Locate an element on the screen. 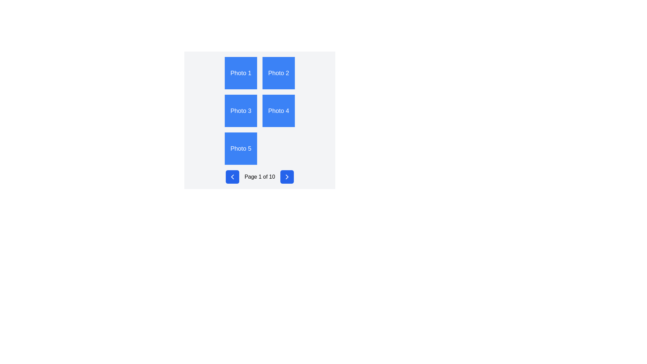 Image resolution: width=647 pixels, height=364 pixels. the text display that indicates the current page number and total number of pages, located at the lower portion of the interface between a grid of photos and navigational buttons is located at coordinates (259, 176).